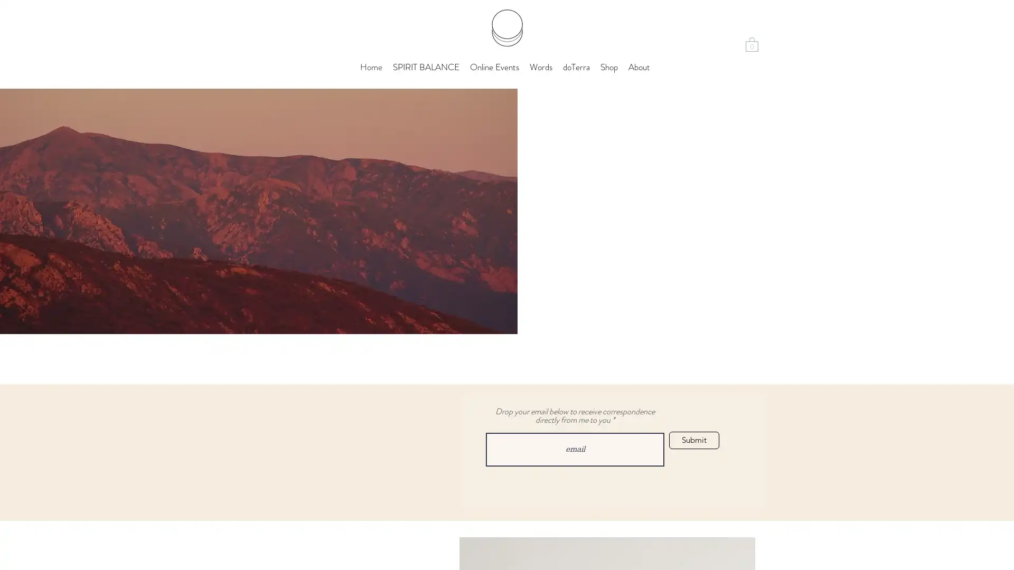 The image size is (1014, 570). What do you see at coordinates (752, 43) in the screenshot?
I see `Cart with 0 items` at bounding box center [752, 43].